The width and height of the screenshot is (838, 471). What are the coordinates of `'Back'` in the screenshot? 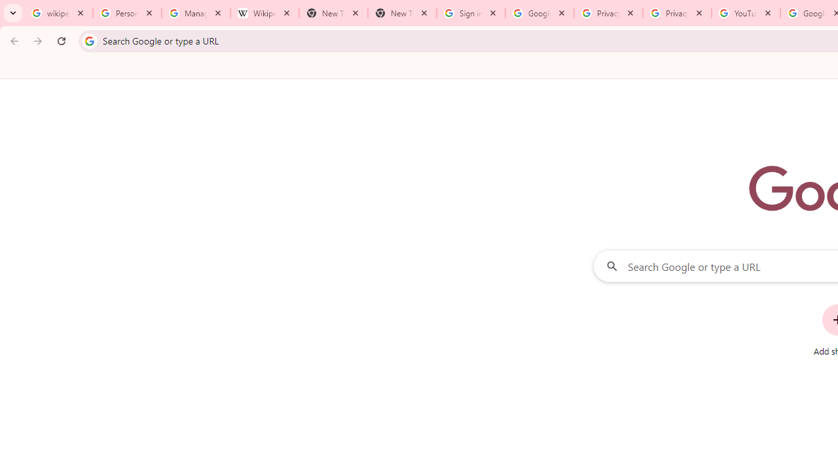 It's located at (12, 40).